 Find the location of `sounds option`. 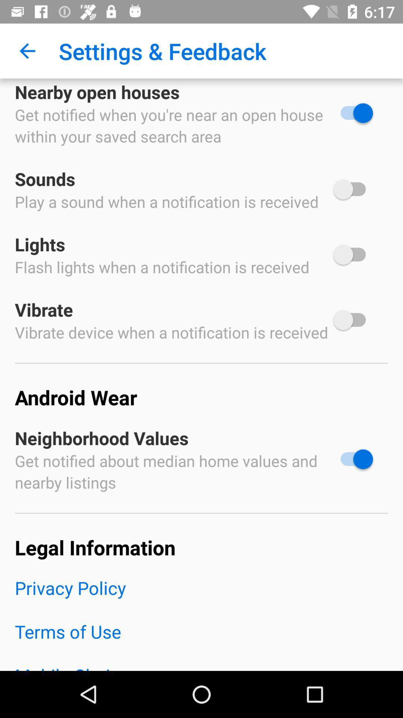

sounds option is located at coordinates (353, 189).